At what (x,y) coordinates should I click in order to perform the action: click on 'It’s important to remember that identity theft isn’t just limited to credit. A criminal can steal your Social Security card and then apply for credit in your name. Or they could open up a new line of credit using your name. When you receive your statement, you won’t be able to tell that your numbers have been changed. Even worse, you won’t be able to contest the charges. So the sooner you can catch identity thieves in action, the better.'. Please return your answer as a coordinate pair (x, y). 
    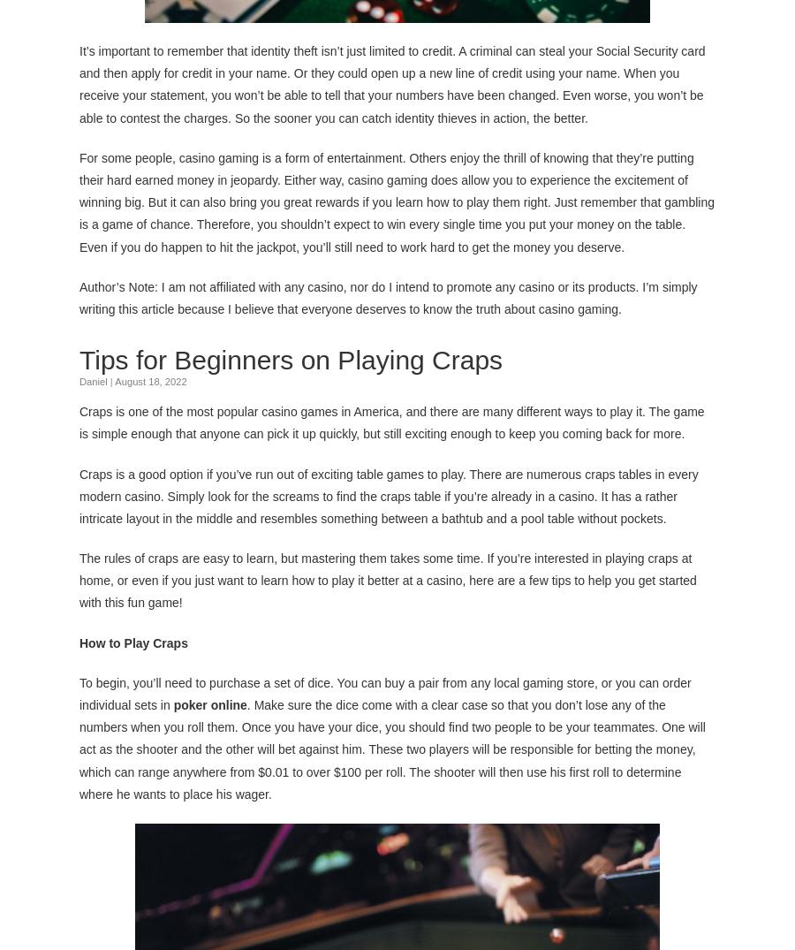
    Looking at the image, I should click on (391, 83).